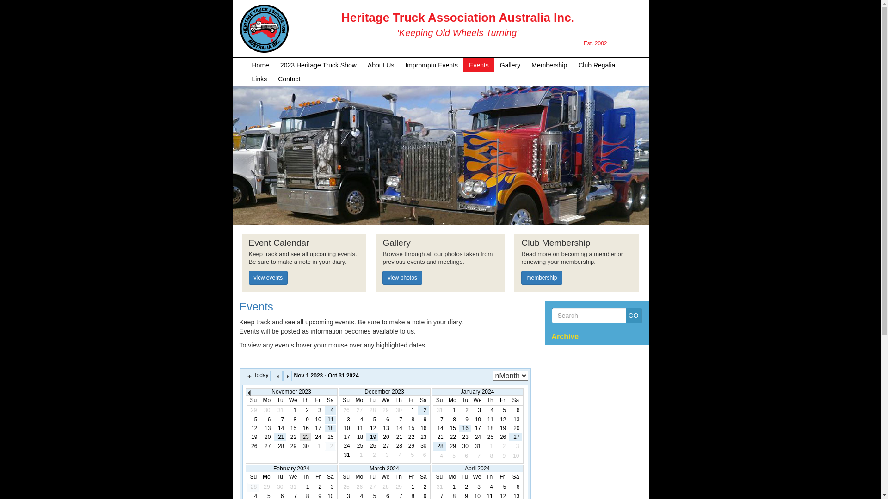 This screenshot has width=888, height=499. I want to click on '1', so click(410, 410).